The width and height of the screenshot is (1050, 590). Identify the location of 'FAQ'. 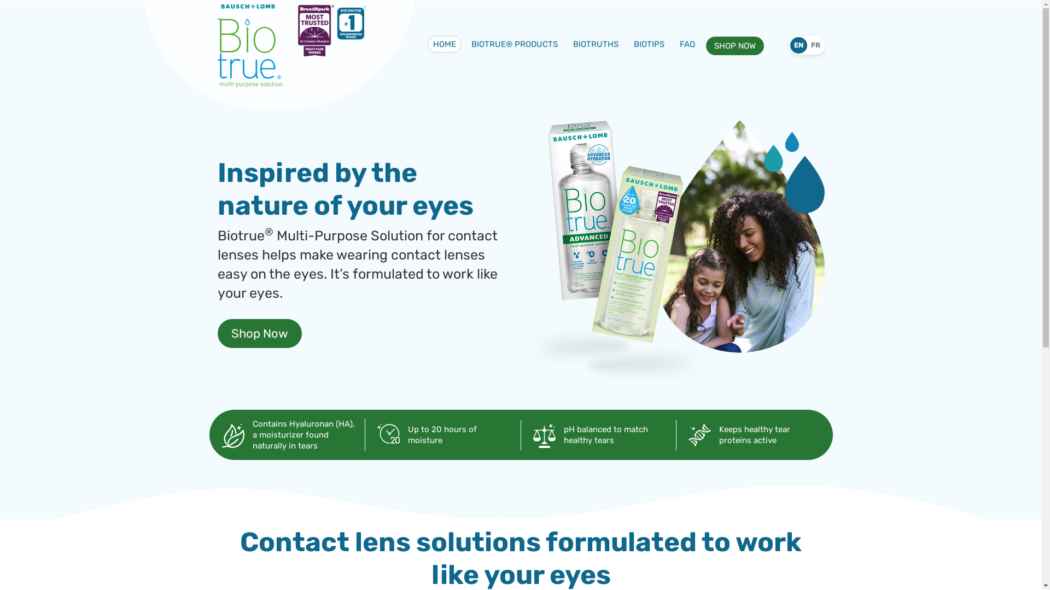
(686, 44).